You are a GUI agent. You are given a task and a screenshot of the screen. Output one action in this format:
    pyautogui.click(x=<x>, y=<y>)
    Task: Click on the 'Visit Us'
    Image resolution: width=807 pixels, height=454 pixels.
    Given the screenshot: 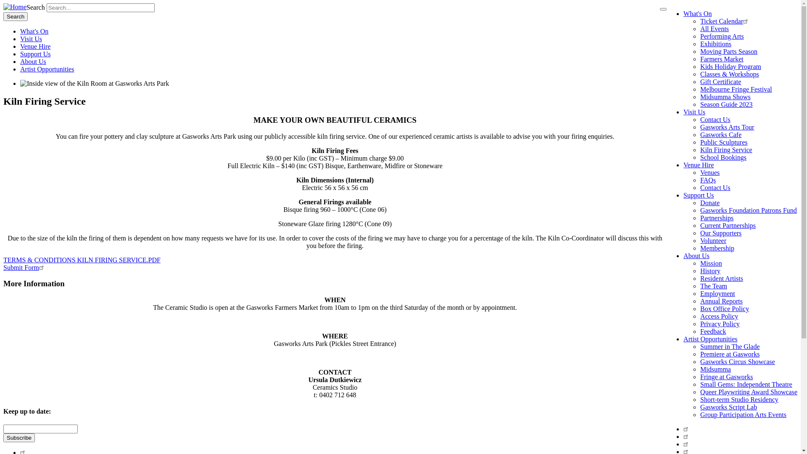 What is the action you would take?
    pyautogui.click(x=683, y=111)
    